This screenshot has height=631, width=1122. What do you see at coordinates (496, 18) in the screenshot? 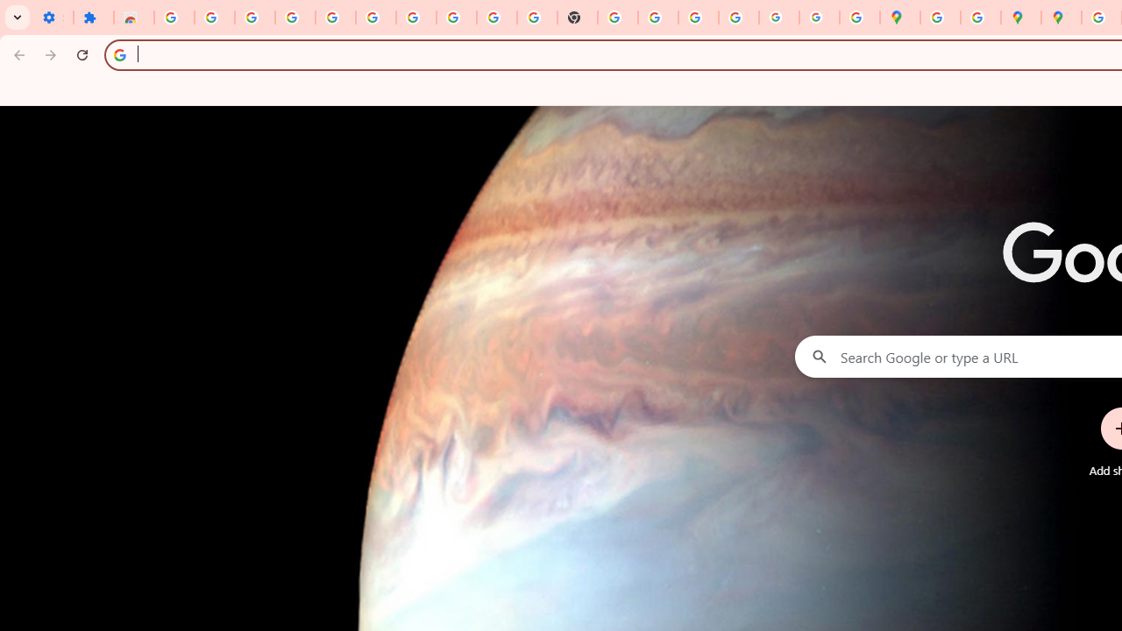
I see `'YouTube'` at bounding box center [496, 18].